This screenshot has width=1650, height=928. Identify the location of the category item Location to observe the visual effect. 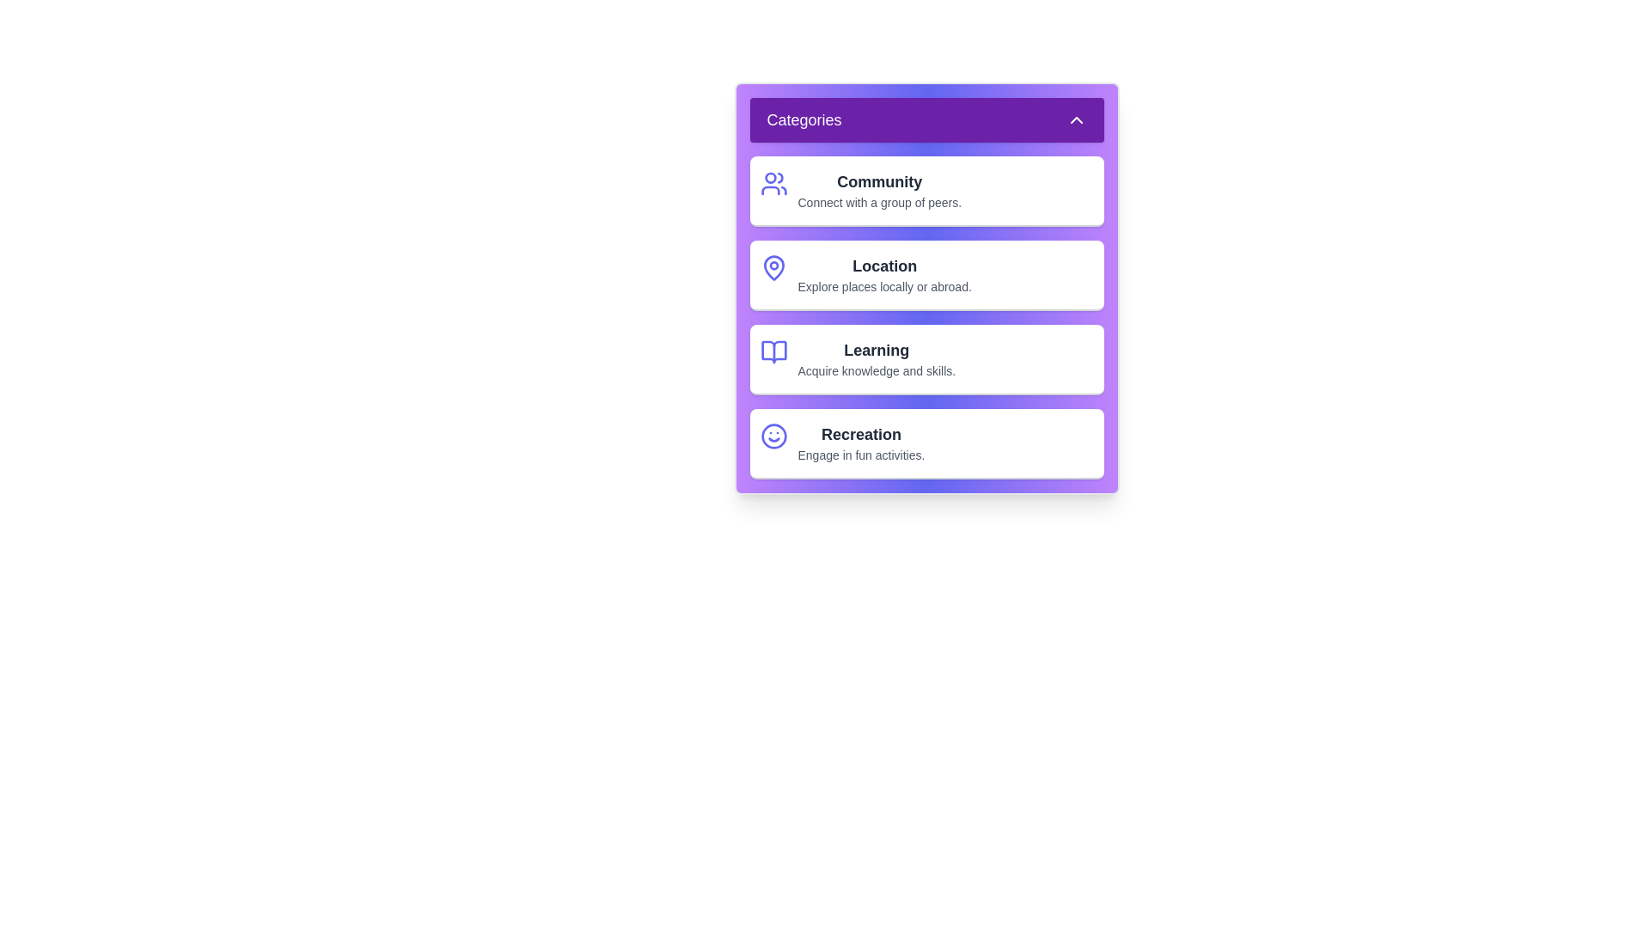
(926, 274).